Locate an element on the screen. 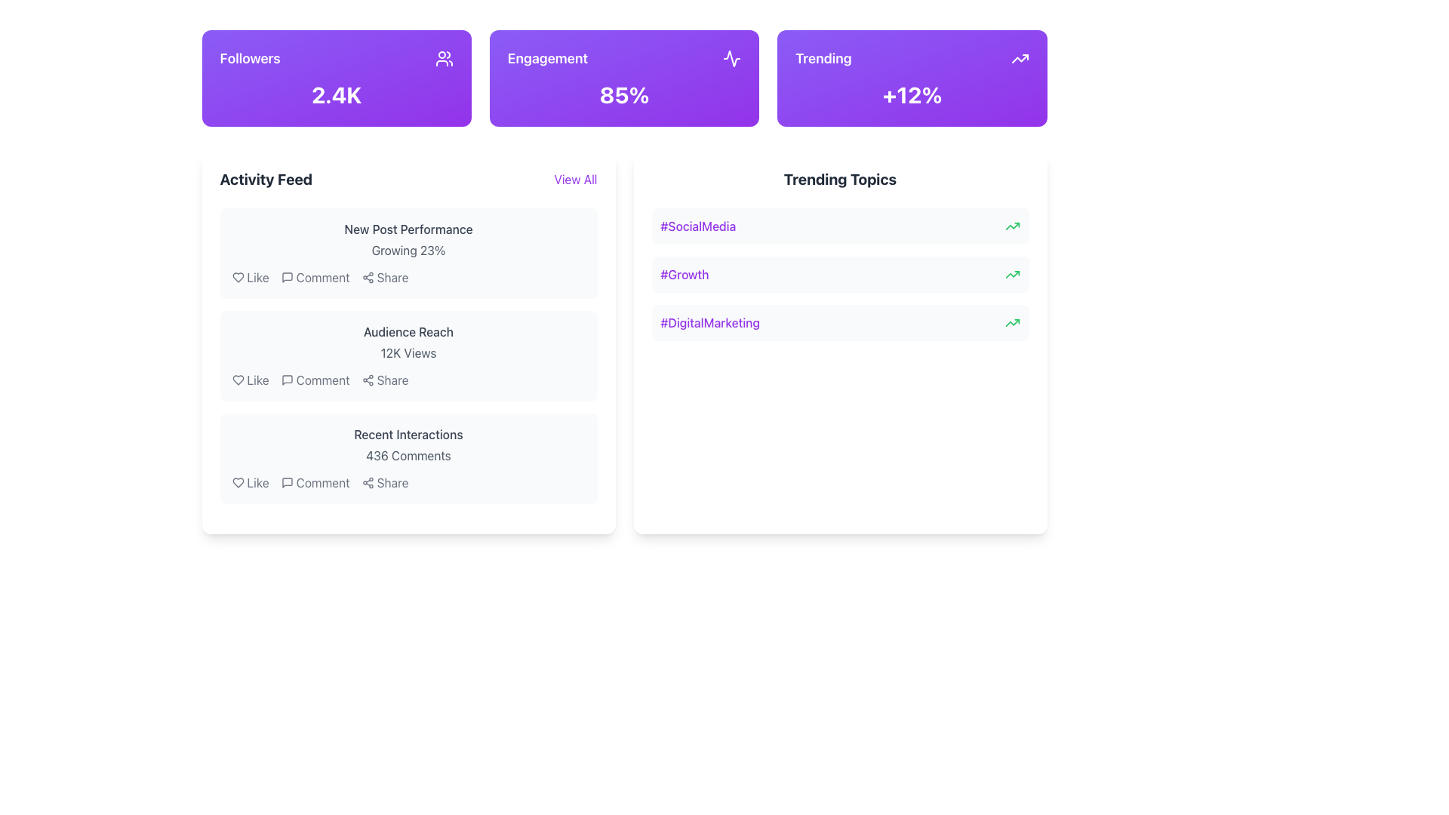  the static text label in the 'Activity Feed' panel to initiate a comment action, which is located near the 'Like' and 'Share' options in the 'New Post Performance' section is located at coordinates (322, 277).